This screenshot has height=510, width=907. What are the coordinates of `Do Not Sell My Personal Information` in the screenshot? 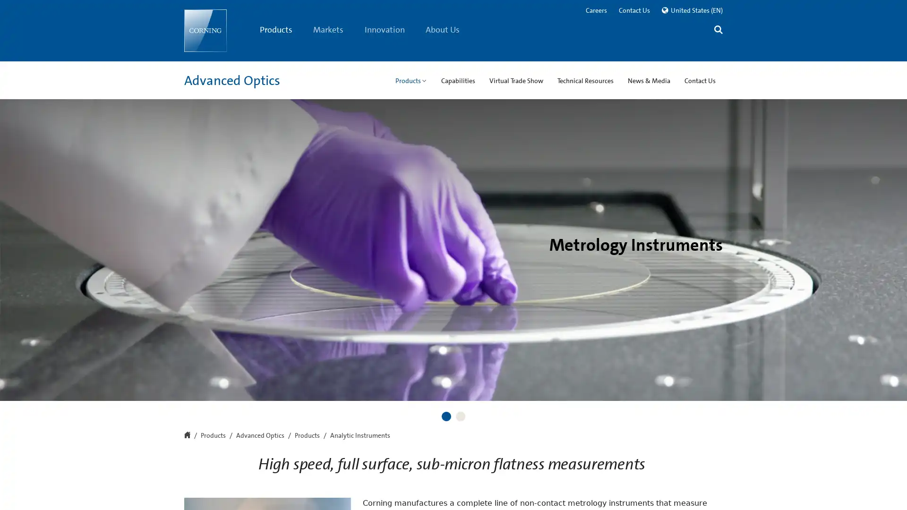 It's located at (661, 489).